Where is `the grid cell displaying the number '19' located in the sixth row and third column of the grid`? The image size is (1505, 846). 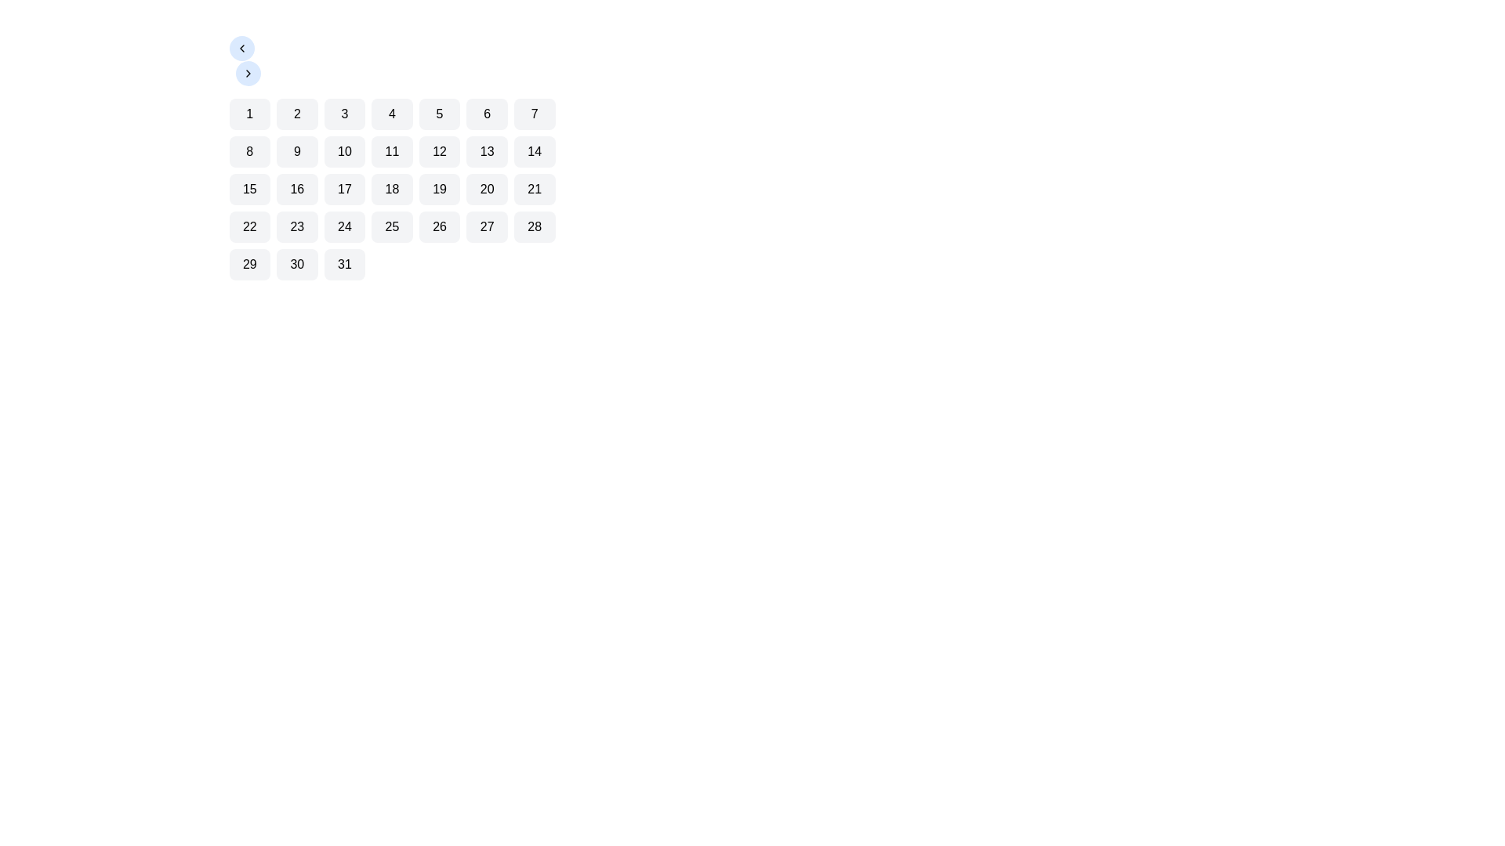
the grid cell displaying the number '19' located in the sixth row and third column of the grid is located at coordinates (439, 189).